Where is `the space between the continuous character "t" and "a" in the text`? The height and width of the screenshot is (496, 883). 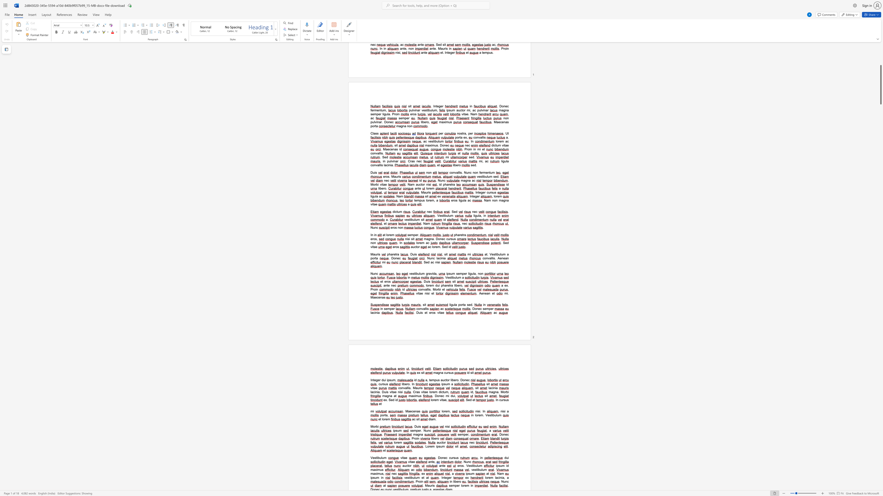
the space between the continuous character "t" and "a" in the text is located at coordinates (419, 293).